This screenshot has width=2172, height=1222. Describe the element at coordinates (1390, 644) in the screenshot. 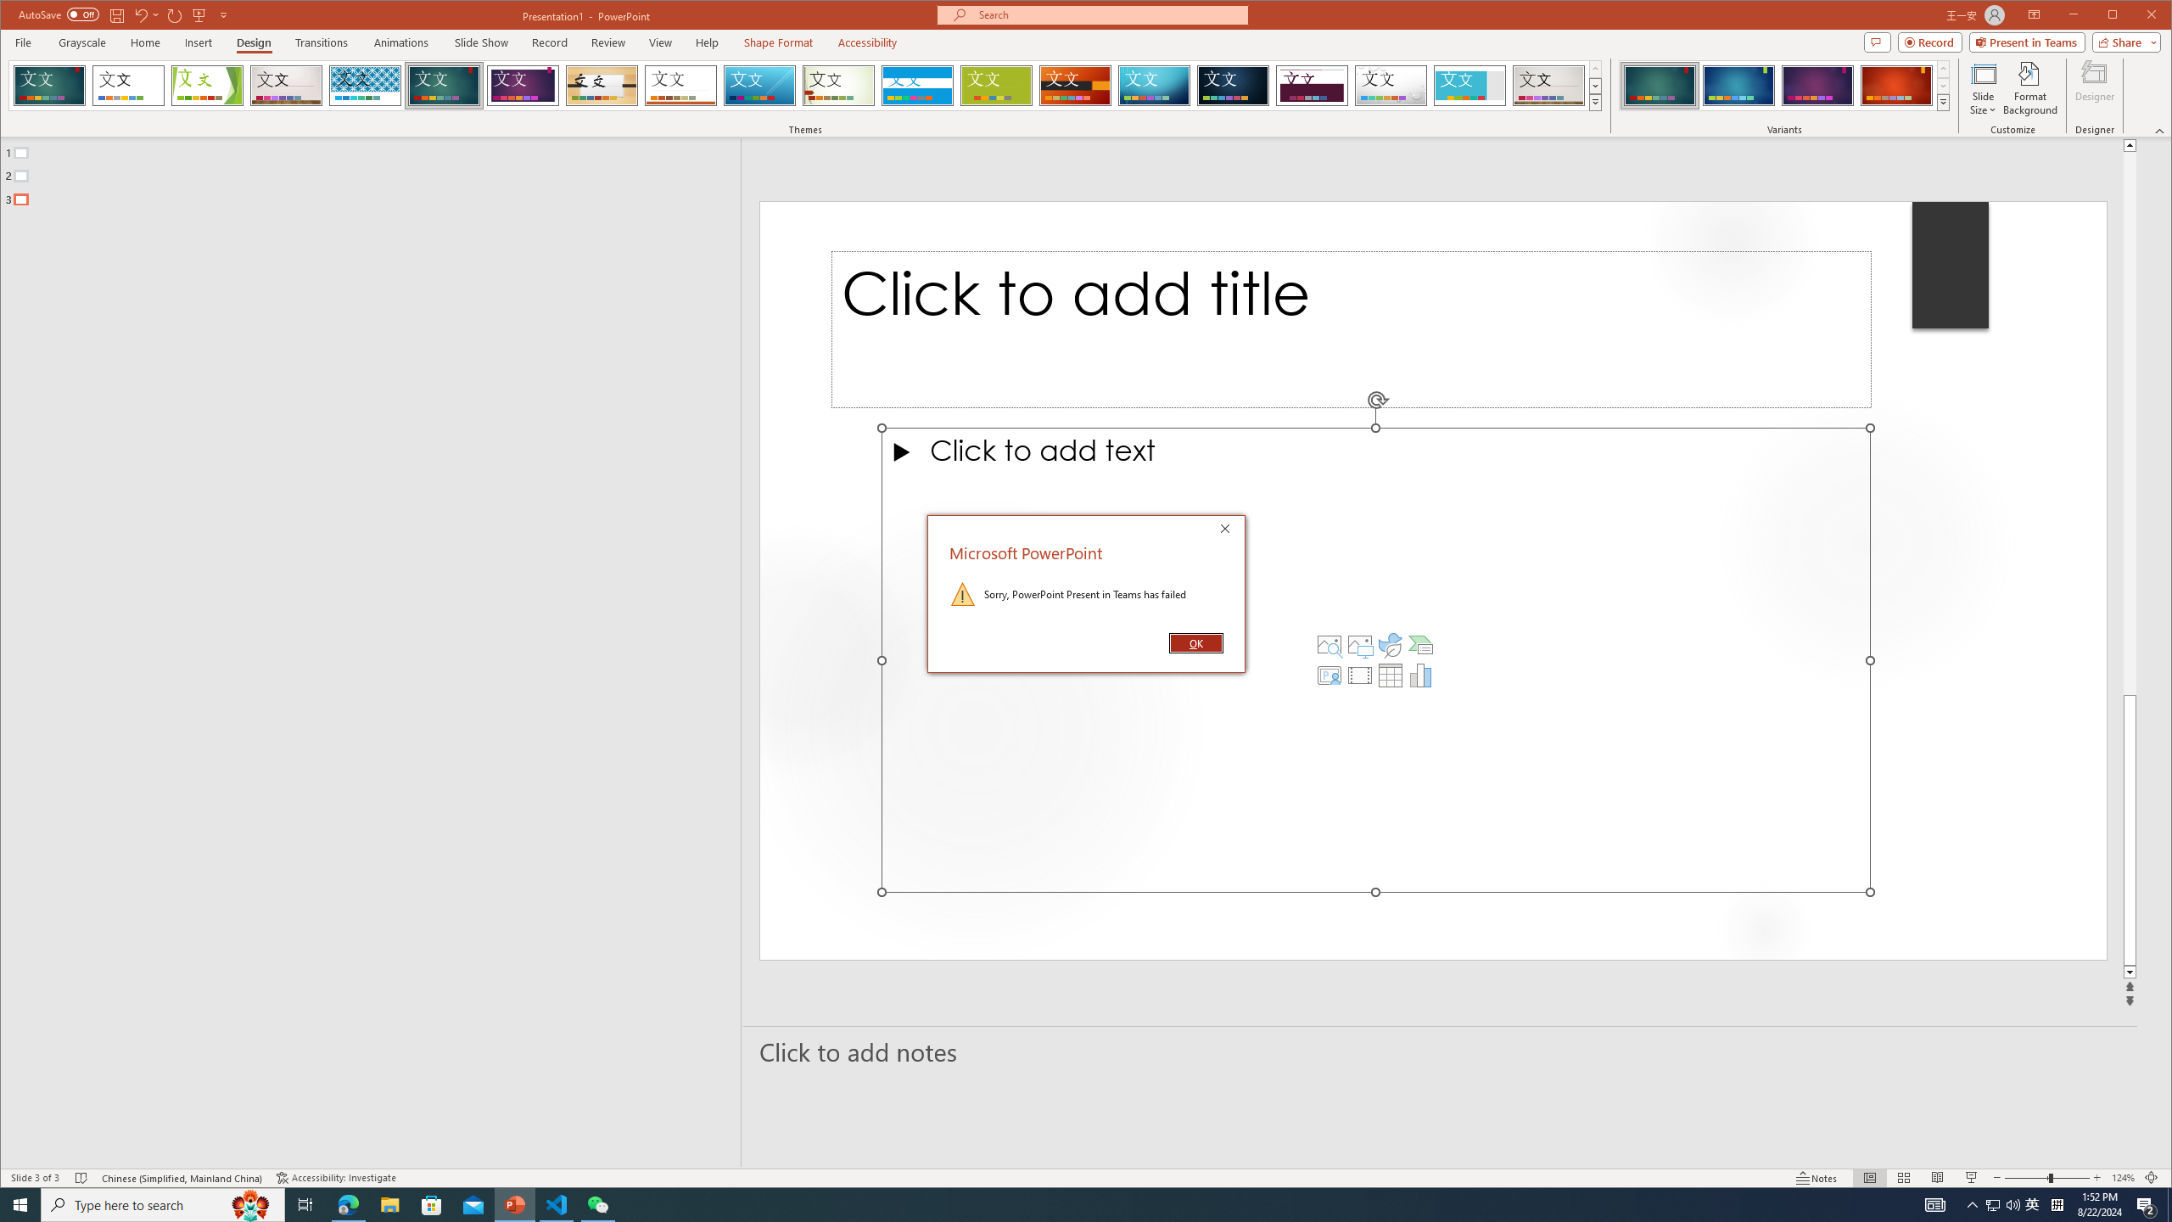

I see `'Insert an Icon'` at that location.